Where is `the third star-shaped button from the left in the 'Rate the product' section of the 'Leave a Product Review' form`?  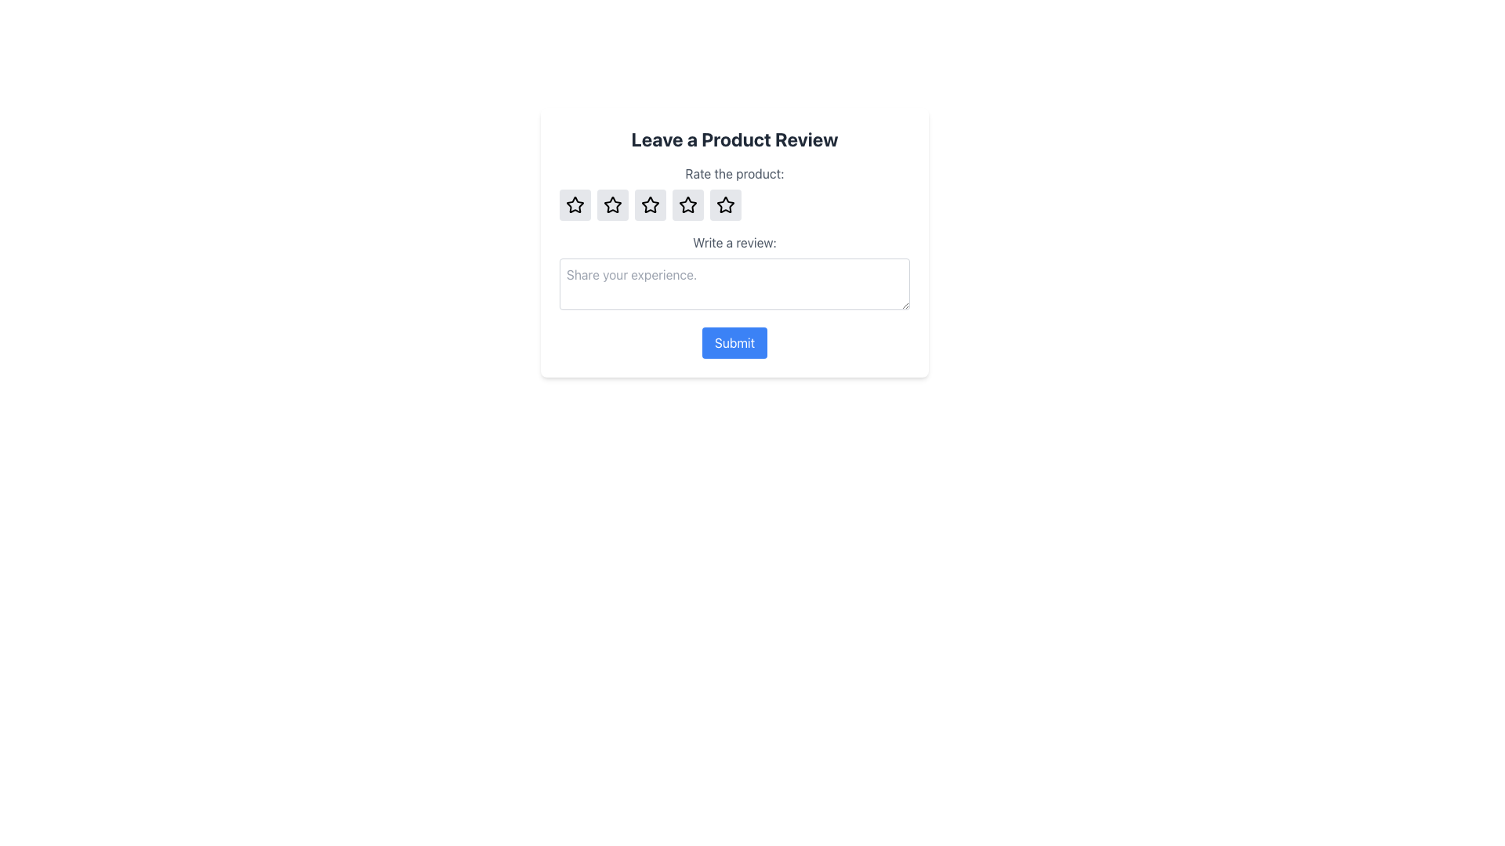 the third star-shaped button from the left in the 'Rate the product' section of the 'Leave a Product Review' form is located at coordinates (612, 204).